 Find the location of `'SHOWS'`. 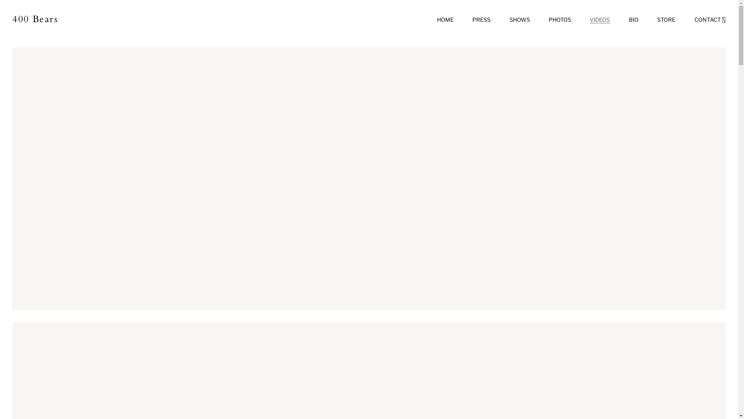

'SHOWS' is located at coordinates (520, 19).